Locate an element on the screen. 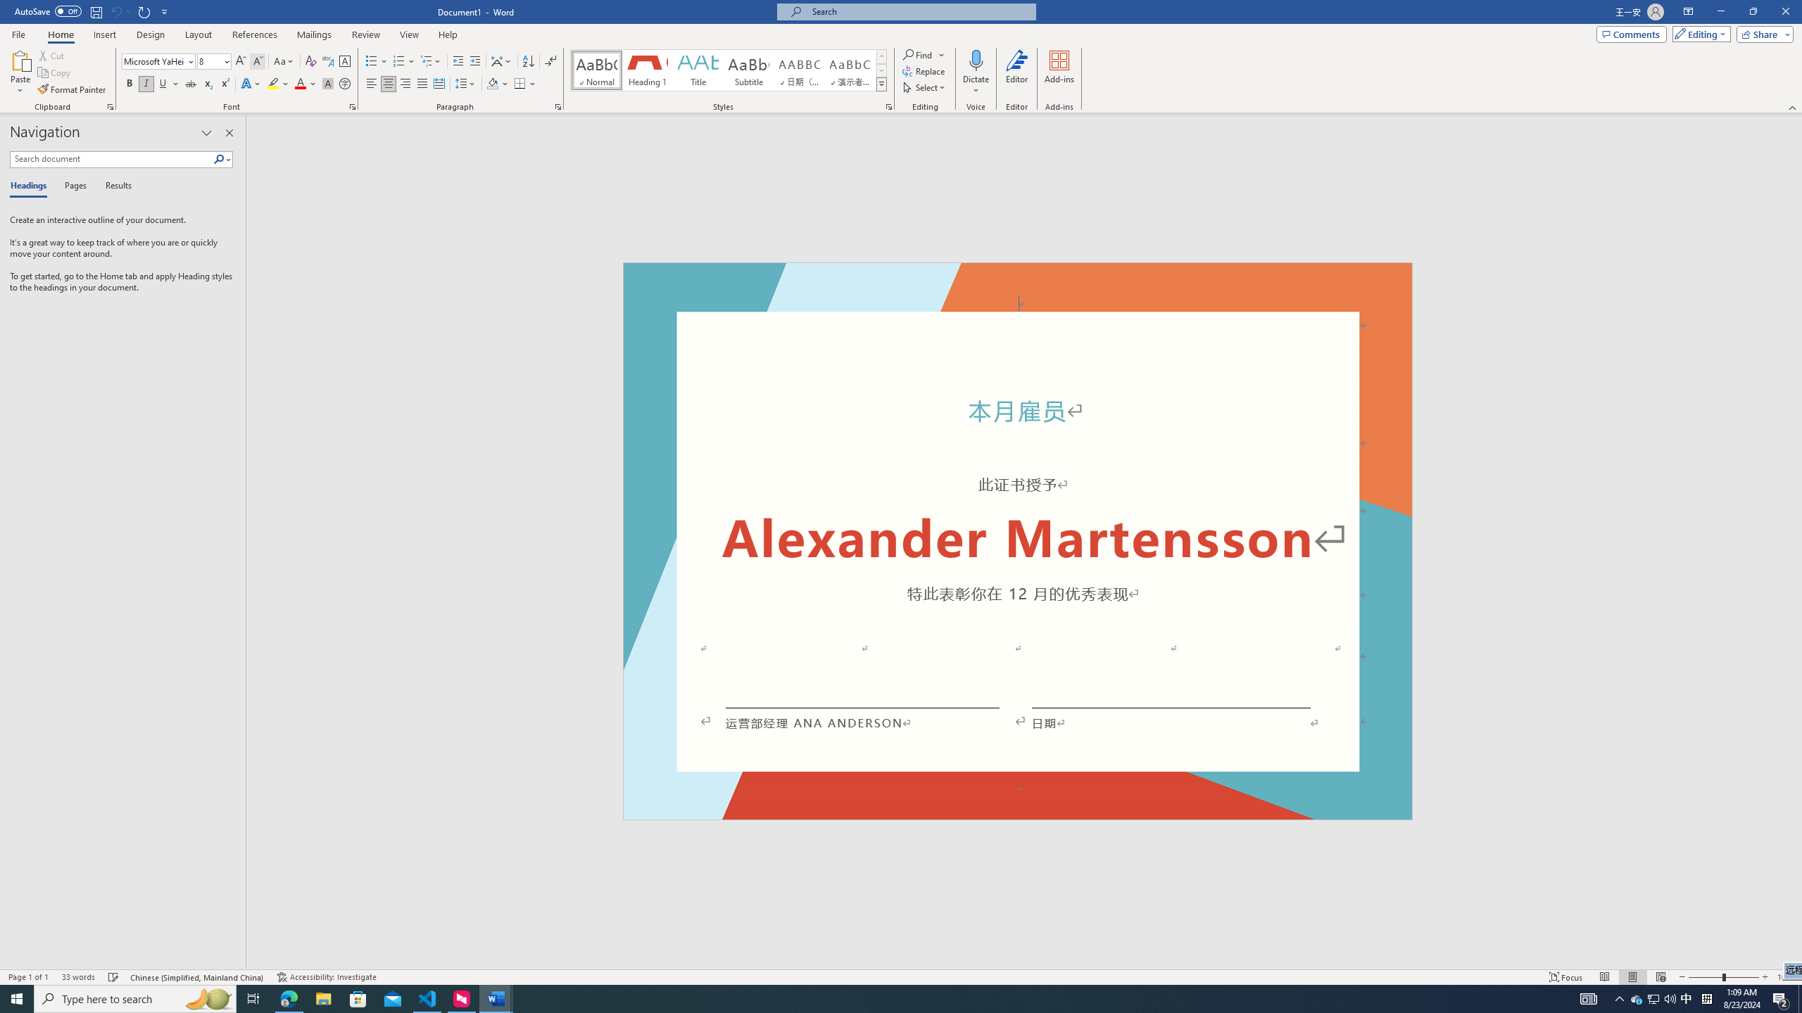 This screenshot has height=1013, width=1802. 'Repeat Shrink Font' is located at coordinates (144, 11).